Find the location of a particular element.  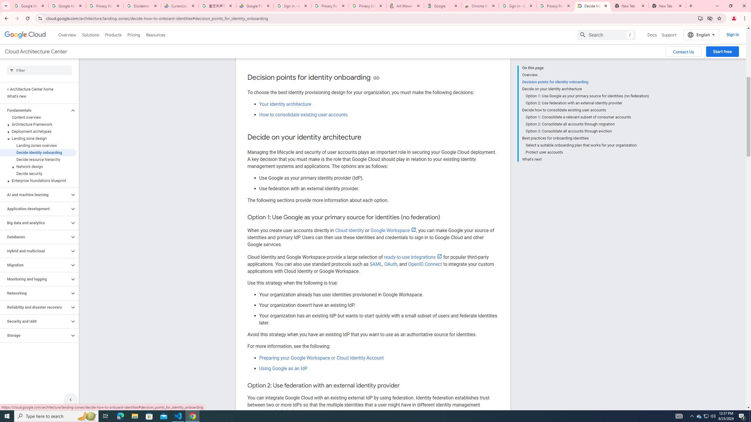

'< Architecture Center home' is located at coordinates (38, 89).